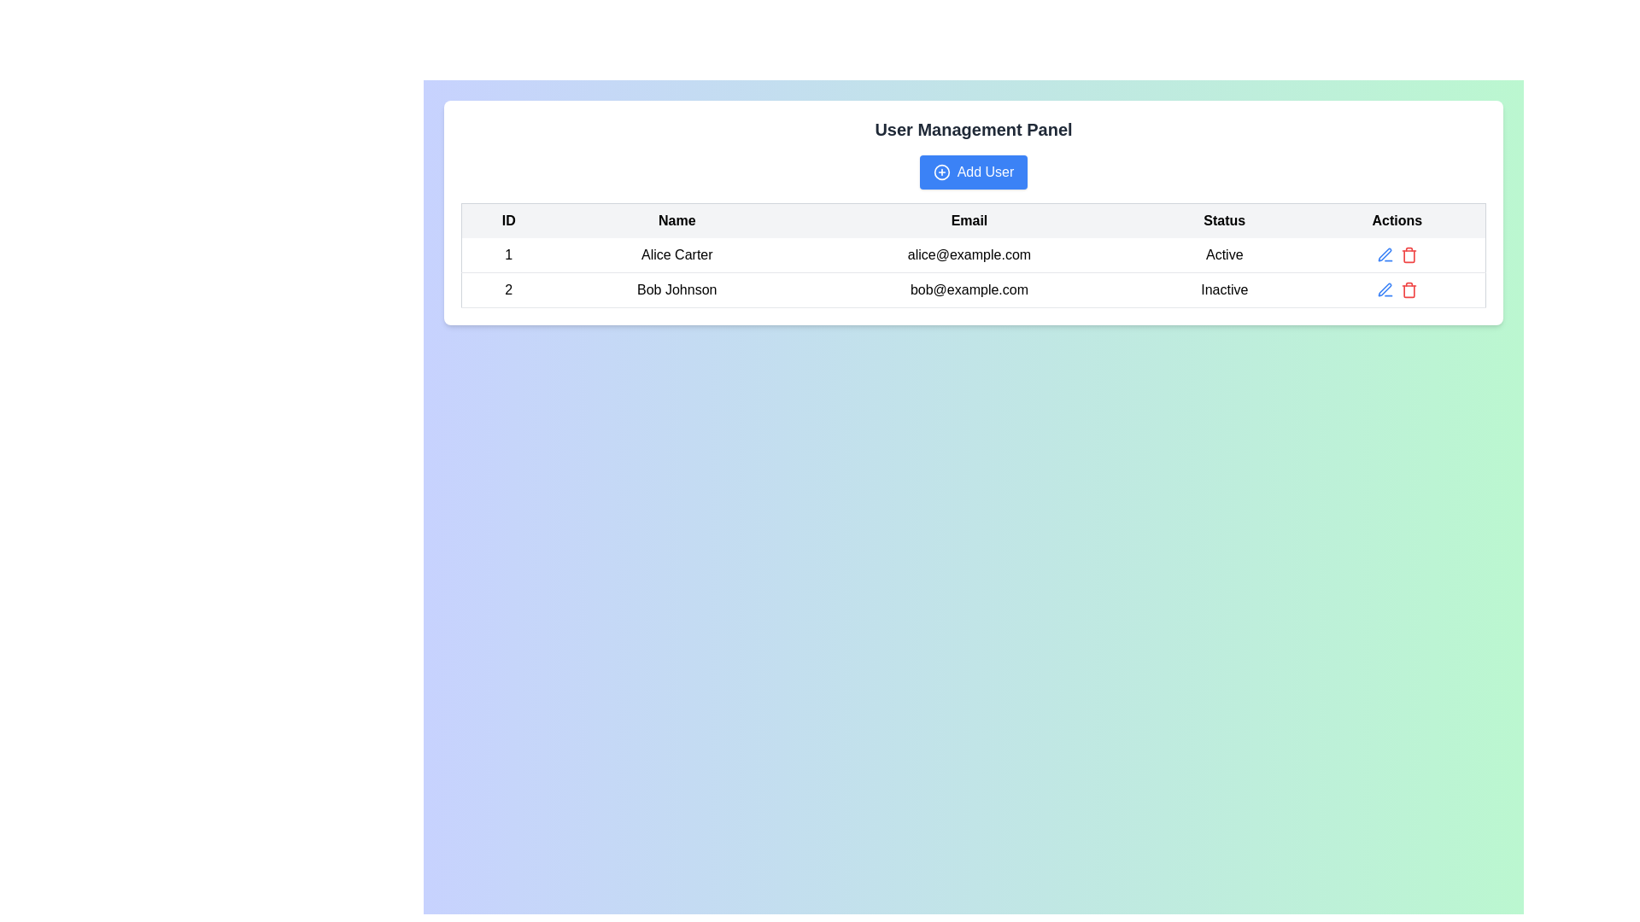 Image resolution: width=1640 pixels, height=922 pixels. Describe the element at coordinates (969, 219) in the screenshot. I see `the table header cell labeled 'Email', which is bold and located in the third column of the table header, between 'Name' and 'Status'` at that location.